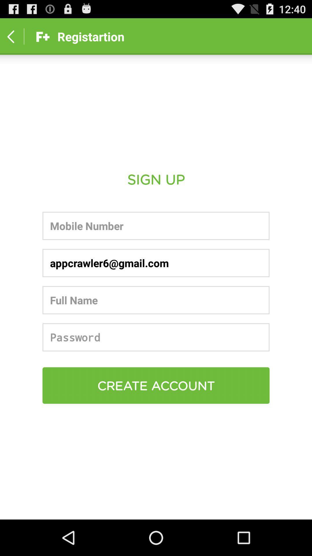 This screenshot has height=556, width=312. I want to click on password, so click(156, 337).